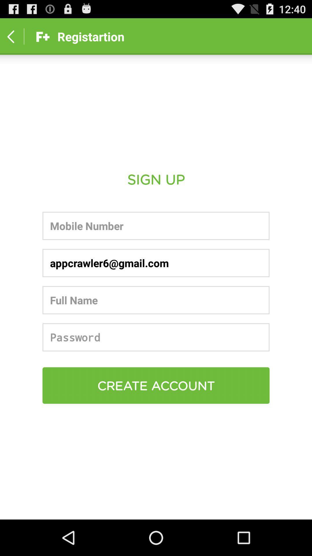 This screenshot has height=556, width=312. I want to click on password, so click(156, 337).